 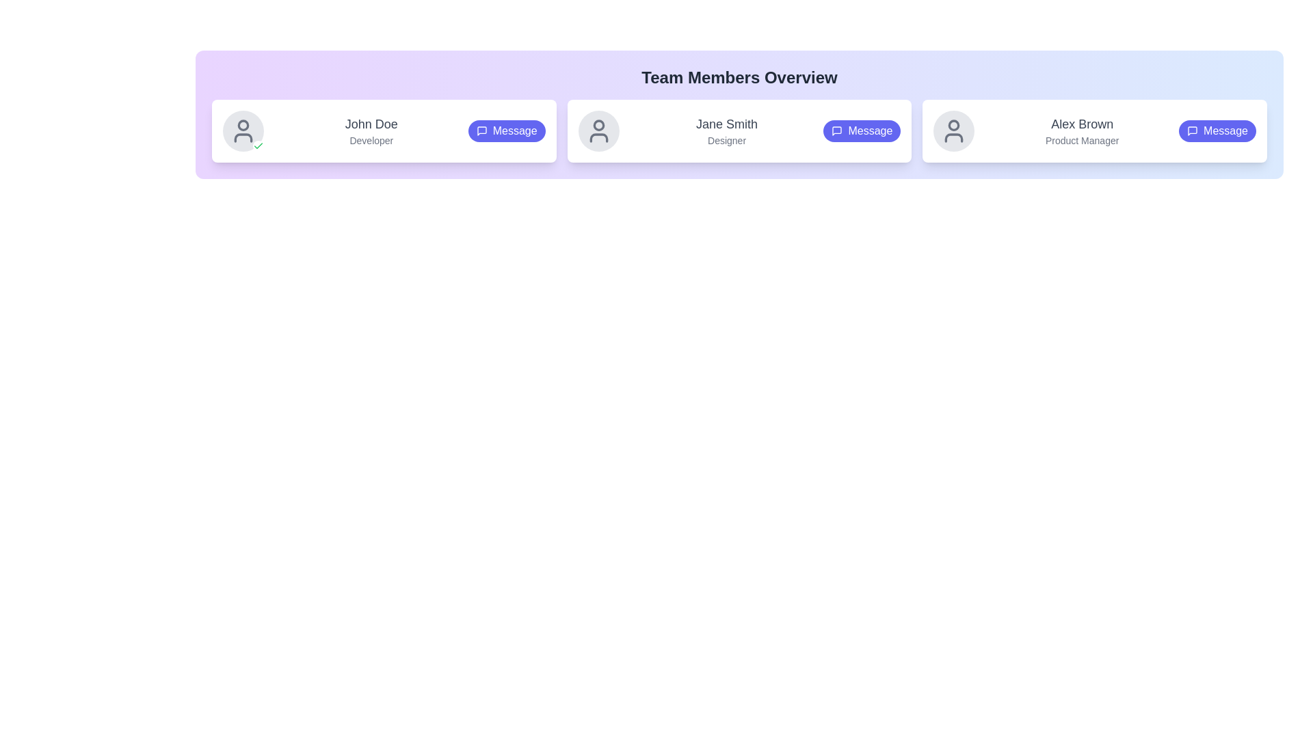 I want to click on the text label indicating the role of 'John Doe', so click(x=371, y=140).